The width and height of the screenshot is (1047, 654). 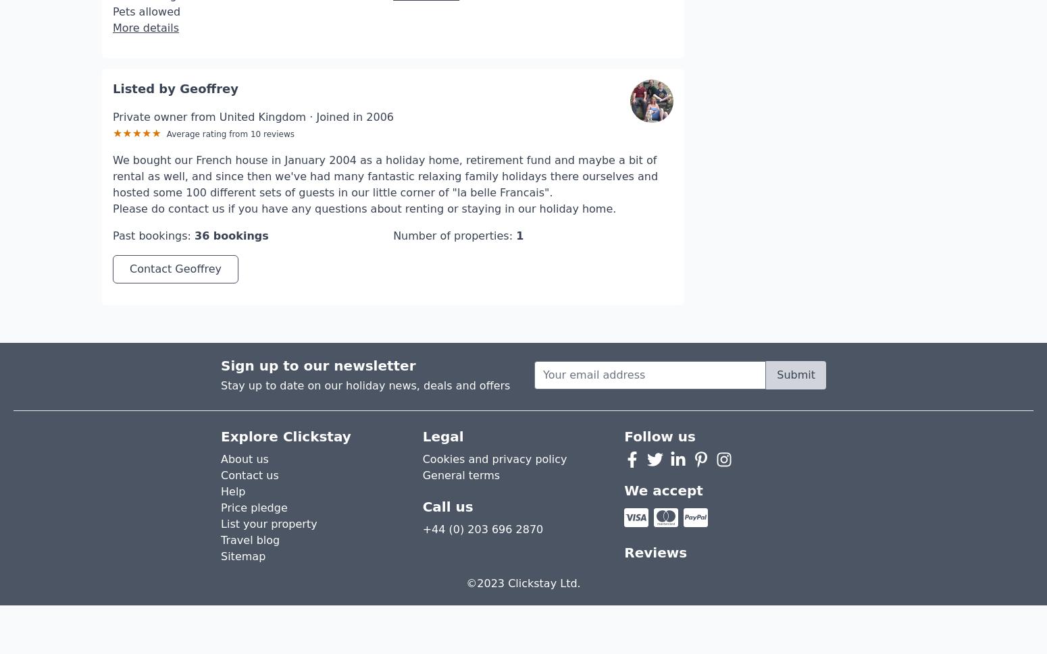 I want to click on 'Call us', so click(x=446, y=465).